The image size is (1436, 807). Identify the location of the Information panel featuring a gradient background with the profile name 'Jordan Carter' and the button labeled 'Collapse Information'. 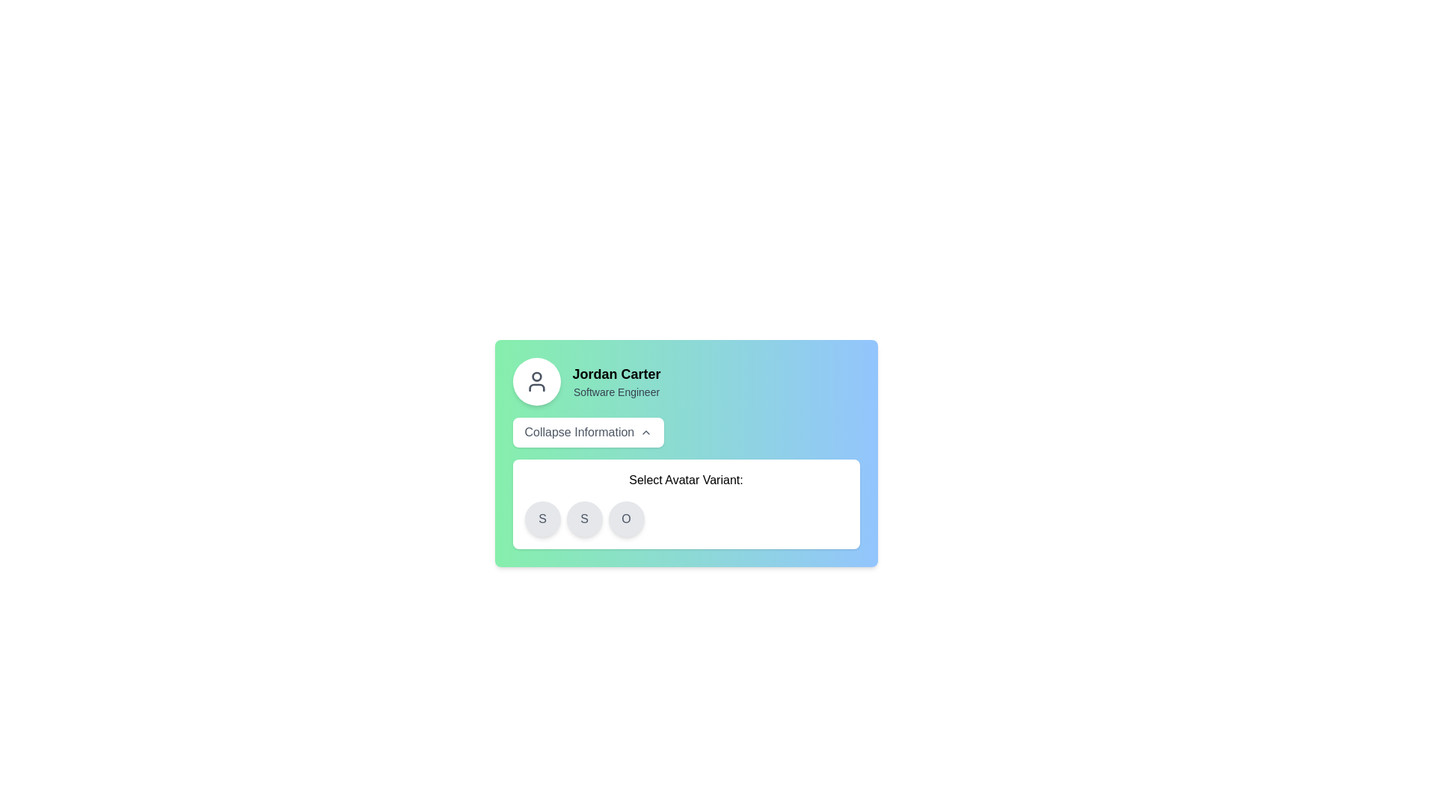
(685, 452).